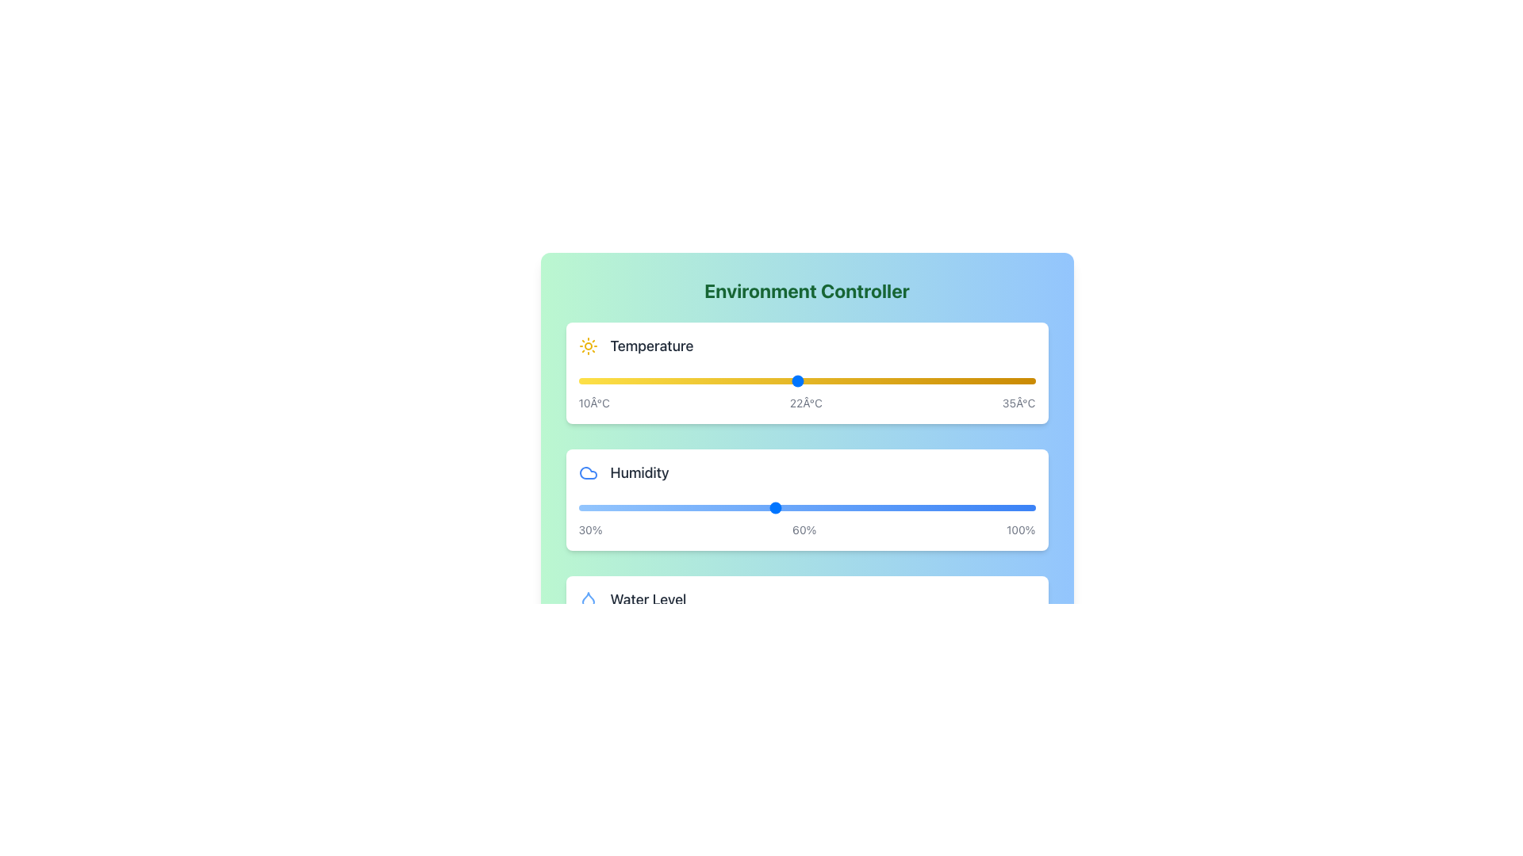 The image size is (1523, 856). What do you see at coordinates (806, 403) in the screenshot?
I see `the temperature value displayed as '22Â°C', which is centered below the yellow temperature slider bar in the 'Temperature' section of the 'Environment Controller' panel` at bounding box center [806, 403].